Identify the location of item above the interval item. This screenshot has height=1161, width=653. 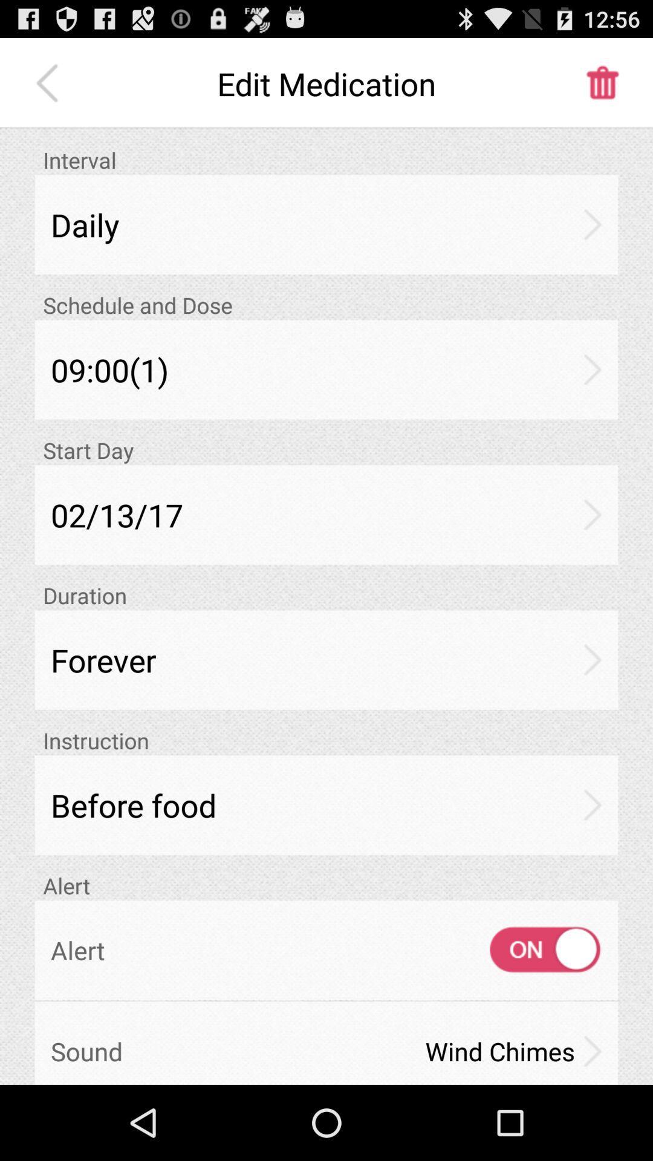
(50, 83).